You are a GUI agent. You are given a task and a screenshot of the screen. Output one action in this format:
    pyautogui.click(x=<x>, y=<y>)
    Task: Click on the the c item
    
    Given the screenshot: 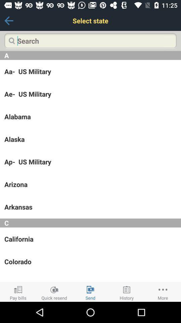 What is the action you would take?
    pyautogui.click(x=90, y=223)
    